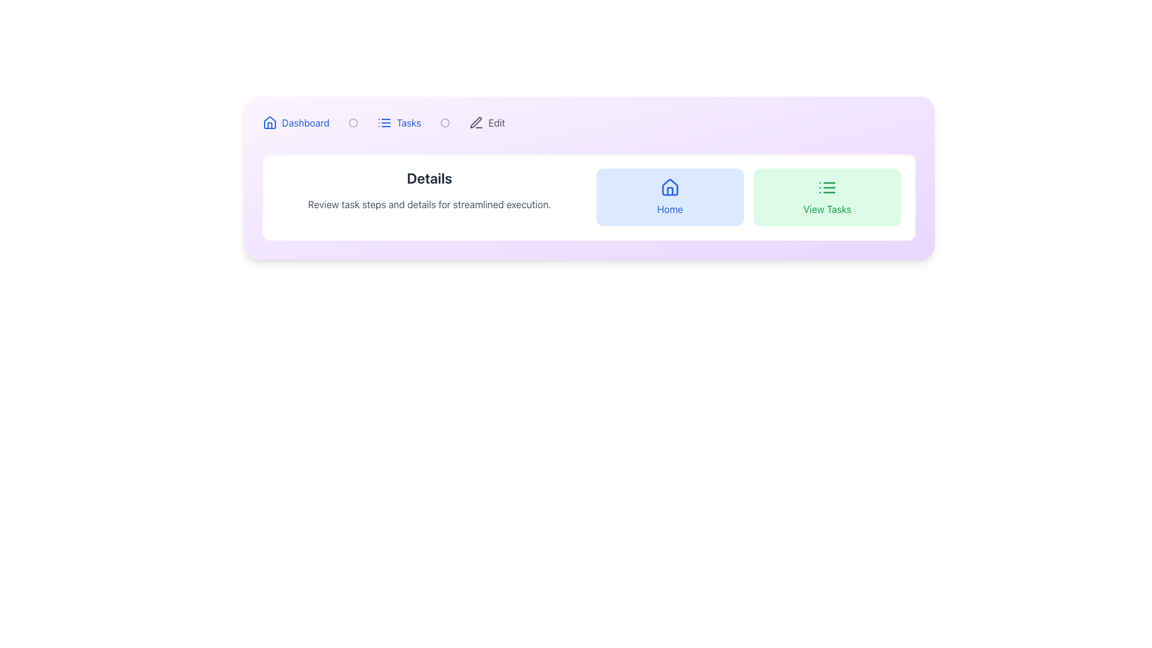 The height and width of the screenshot is (648, 1152). What do you see at coordinates (670, 187) in the screenshot?
I see `the 'Home' icon located within the blue box, positioned to the left of the 'View Tasks' green rectangle` at bounding box center [670, 187].